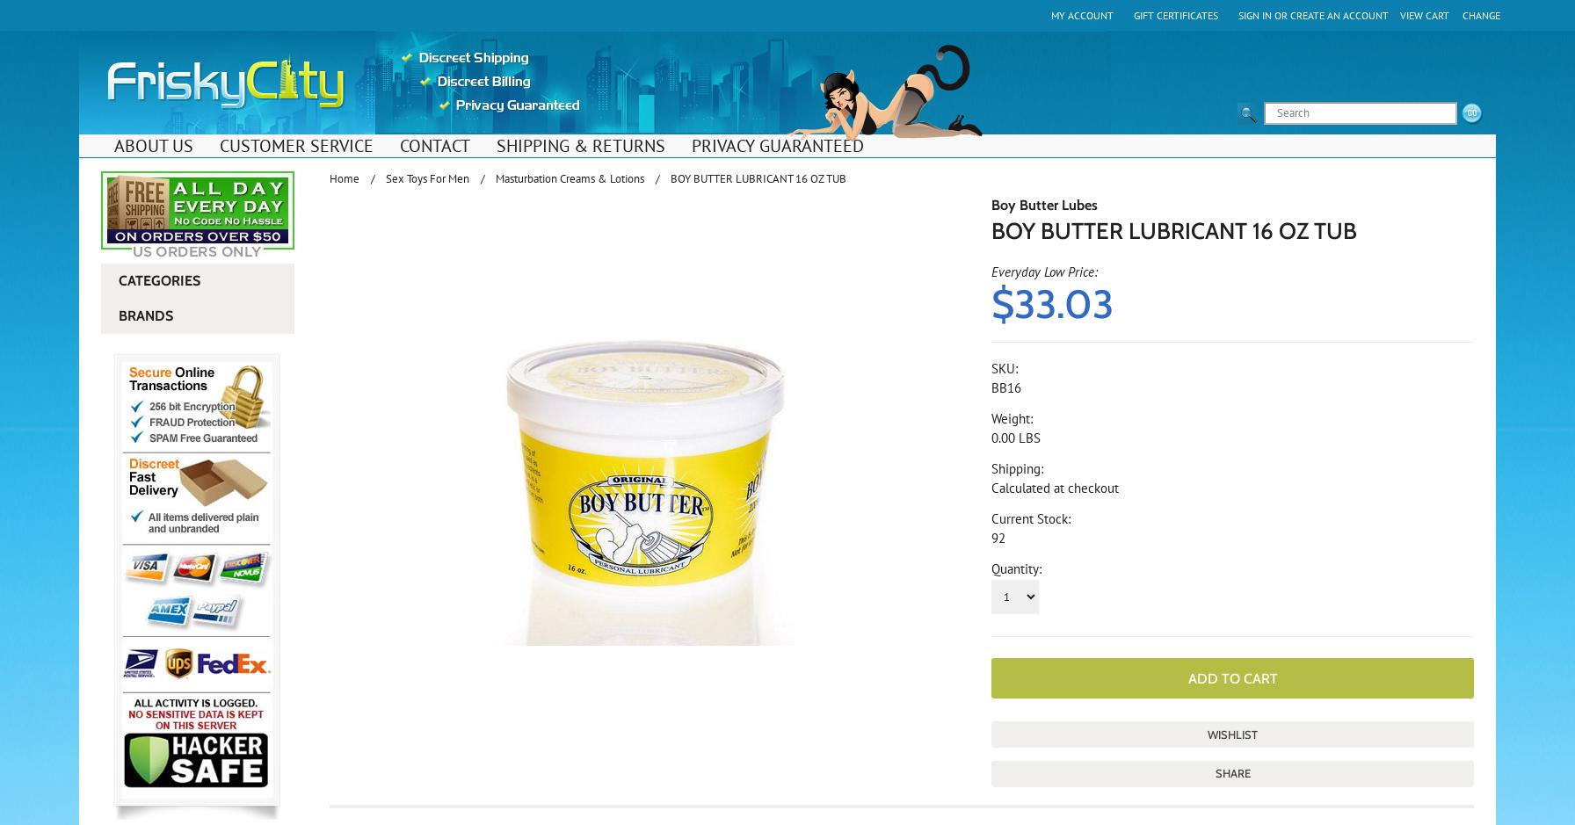 This screenshot has height=825, width=1575. I want to click on 'Quantity:', so click(1016, 568).